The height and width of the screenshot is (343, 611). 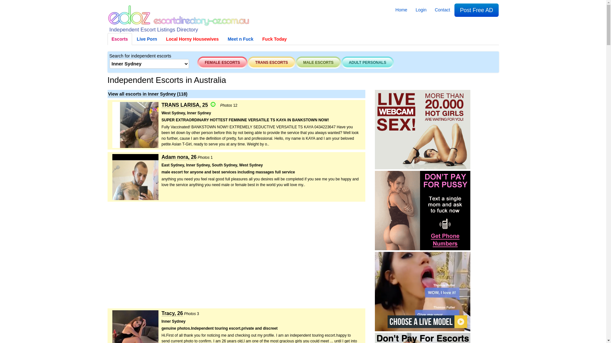 I want to click on 'FEMALE ESCORTS', so click(x=222, y=62).